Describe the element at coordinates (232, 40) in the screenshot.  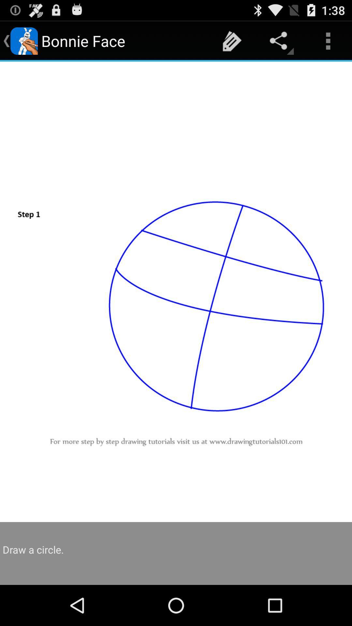
I see `item to the right of the bonnie face icon` at that location.